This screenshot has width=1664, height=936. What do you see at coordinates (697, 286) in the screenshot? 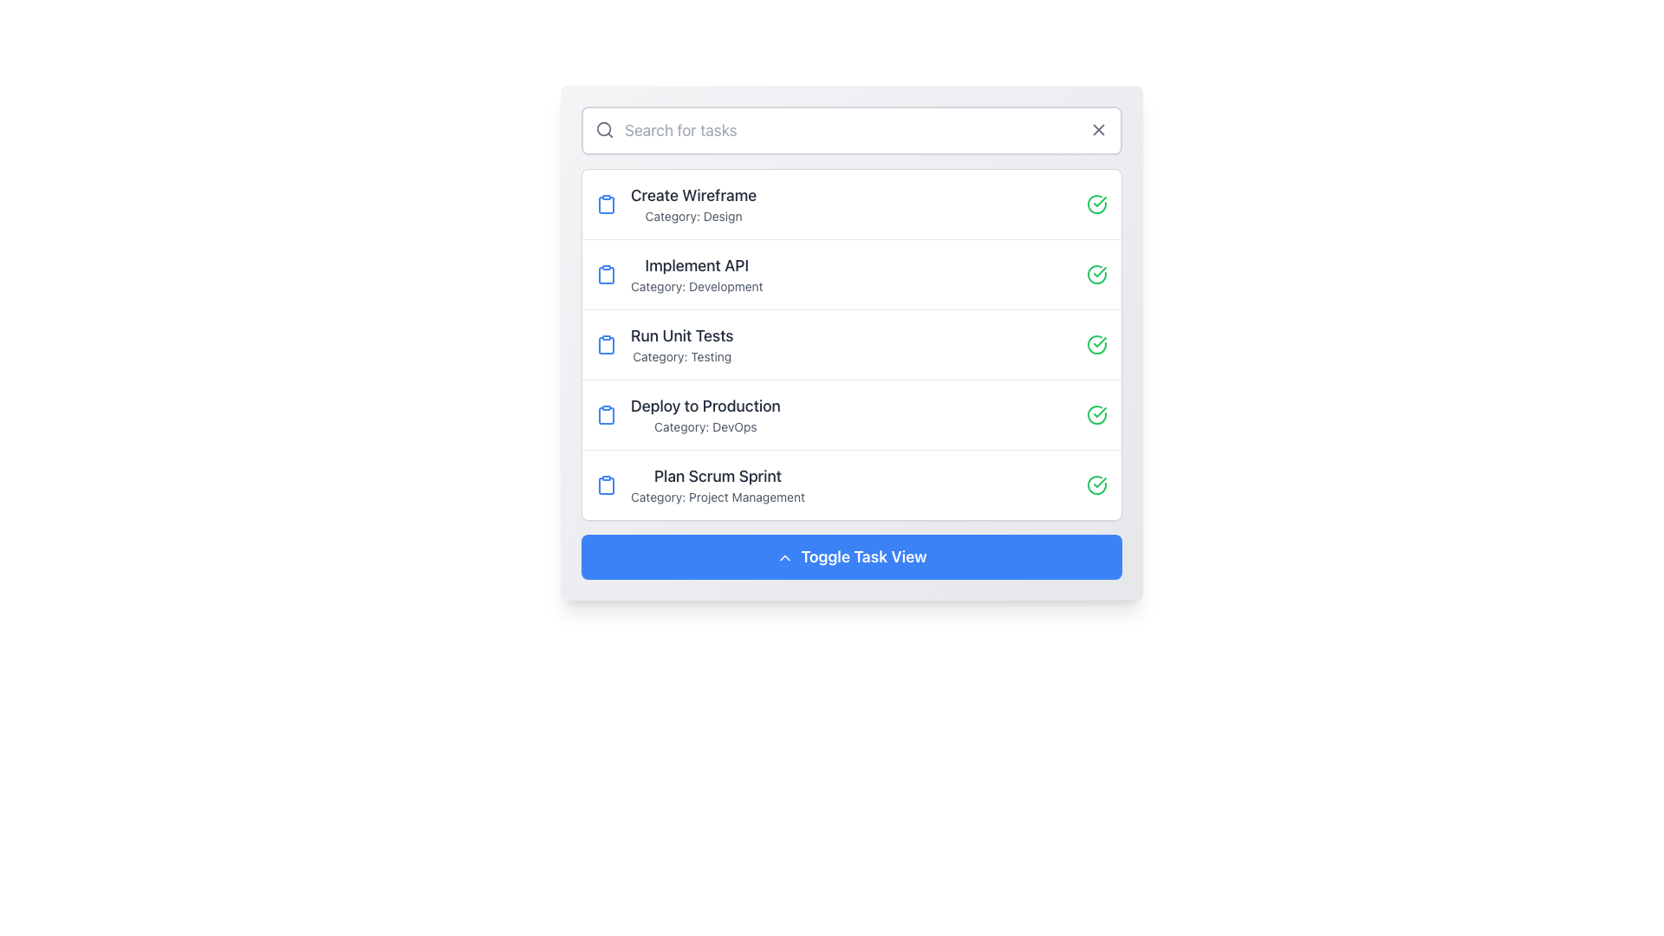
I see `text content of the label displaying 'Category: Development', which is styled in a smaller gray font and positioned below the 'Implement API' heading` at bounding box center [697, 286].